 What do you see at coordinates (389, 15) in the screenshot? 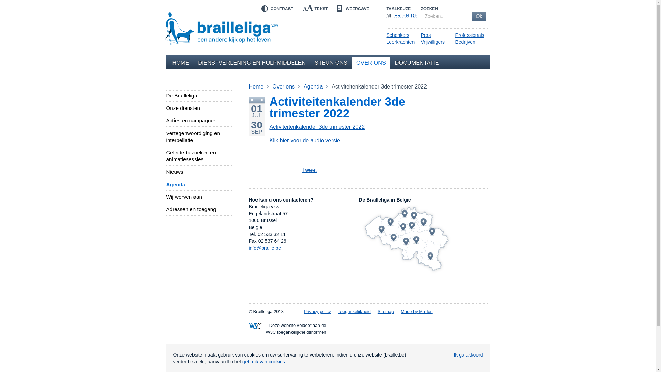
I see `'NL'` at bounding box center [389, 15].